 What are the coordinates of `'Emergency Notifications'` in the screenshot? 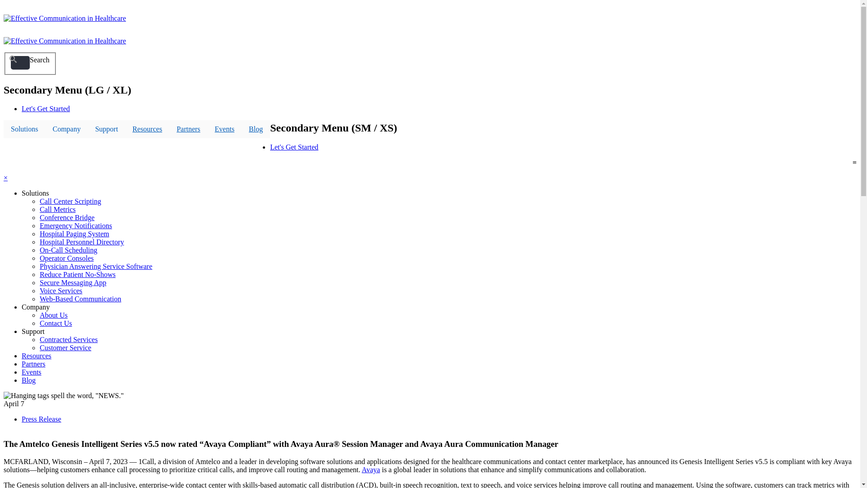 It's located at (76, 225).